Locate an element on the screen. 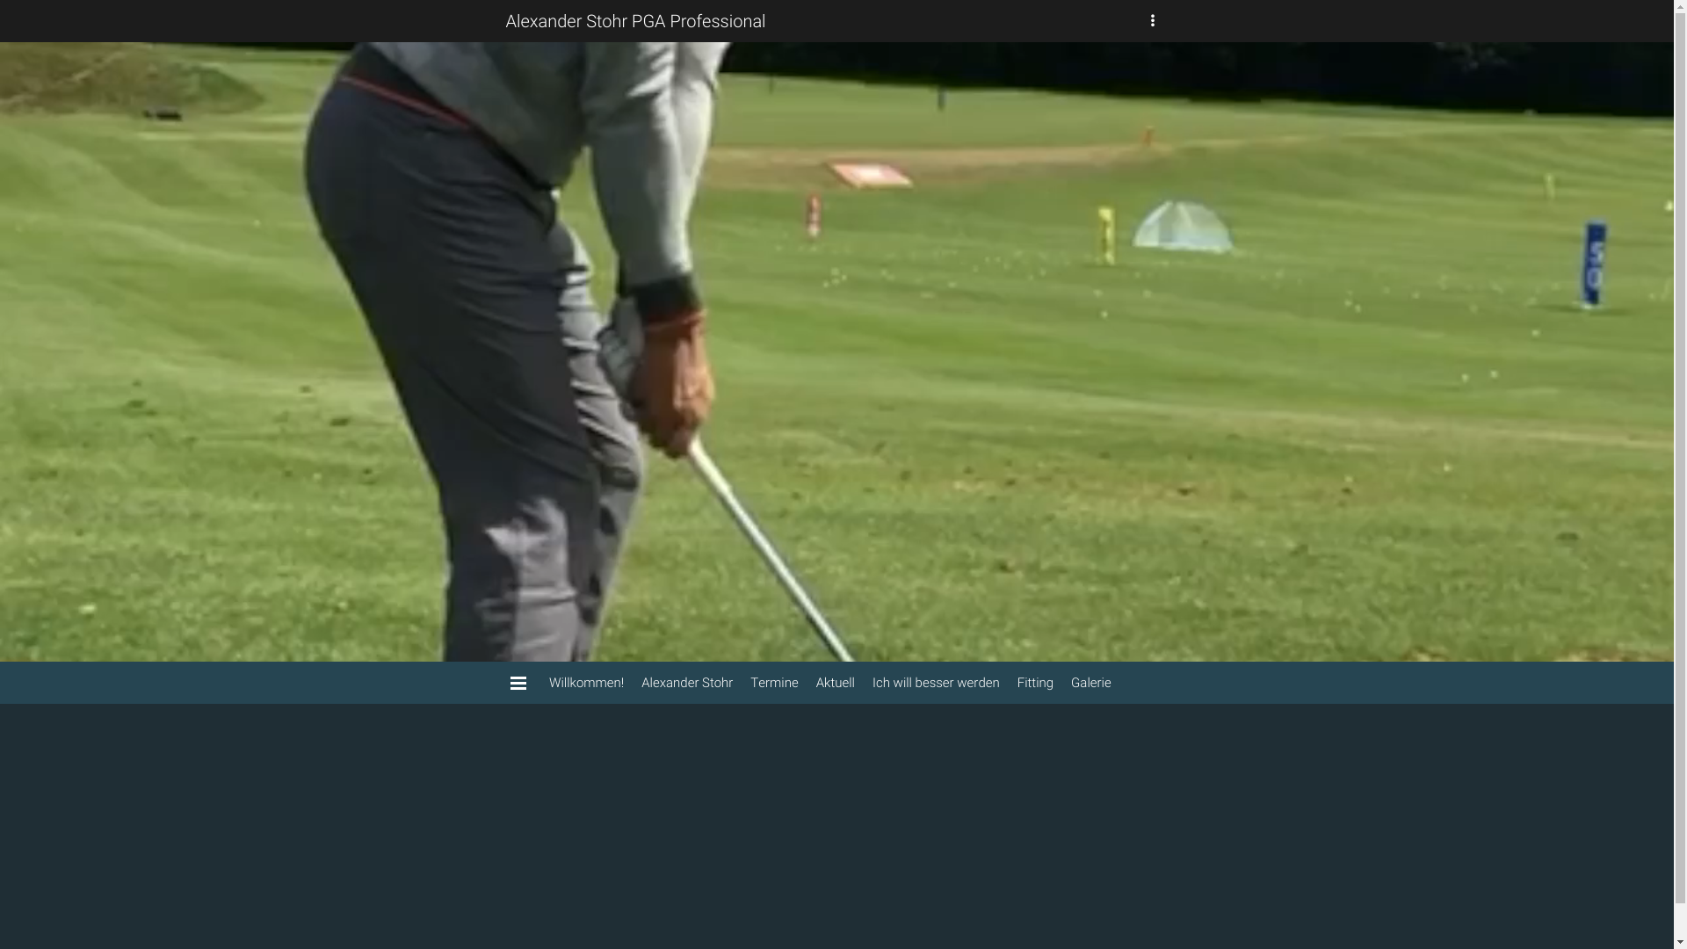 This screenshot has width=1687, height=949. 'Alexander Stohr' is located at coordinates (633, 681).